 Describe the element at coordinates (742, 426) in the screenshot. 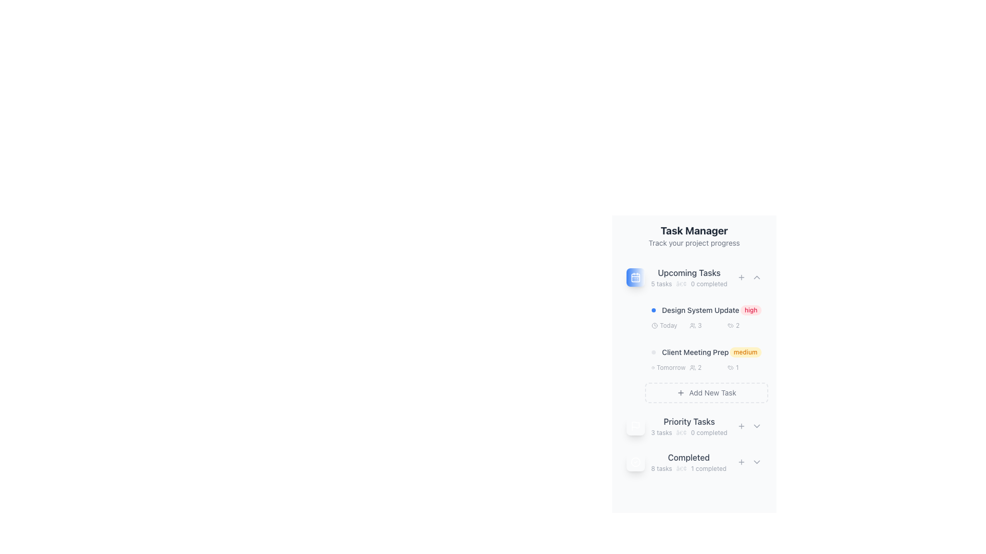

I see `the button located in the 'Priority Tasks' section of the task manager interface` at that location.